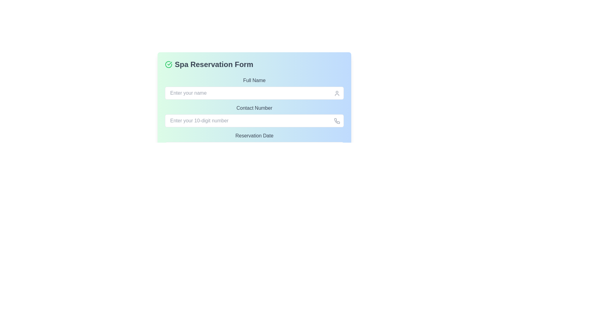  I want to click on the checkmark segment of the green icon located to the left of the 'Spa Reservation Form' text, so click(170, 64).